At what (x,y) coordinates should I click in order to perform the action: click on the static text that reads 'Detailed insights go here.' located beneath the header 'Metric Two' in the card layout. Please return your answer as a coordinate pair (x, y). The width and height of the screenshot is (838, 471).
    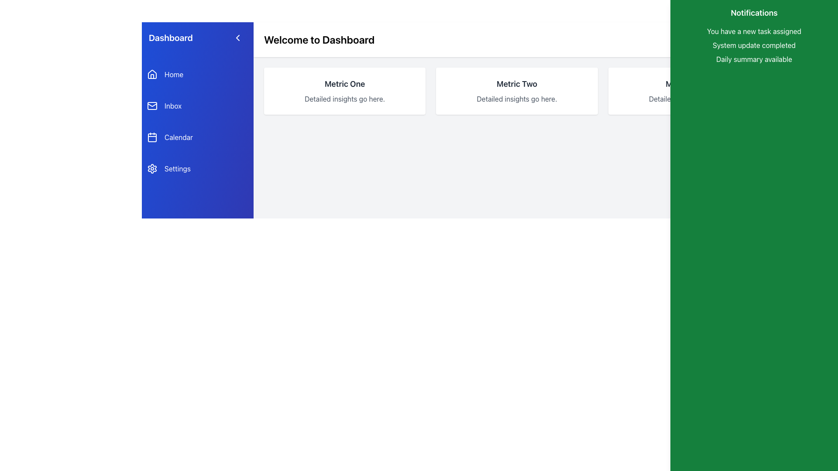
    Looking at the image, I should click on (517, 99).